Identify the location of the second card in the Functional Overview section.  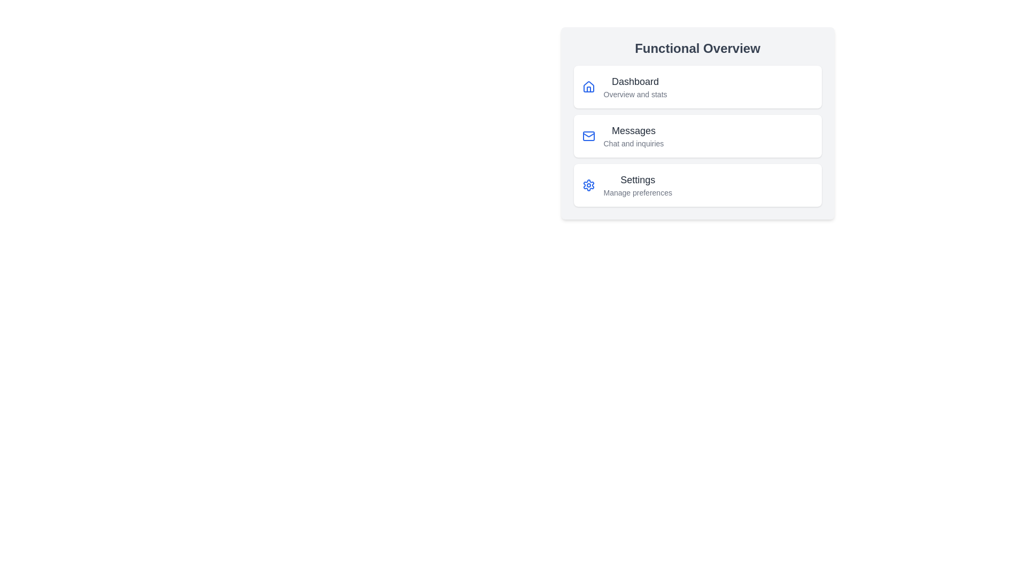
(697, 135).